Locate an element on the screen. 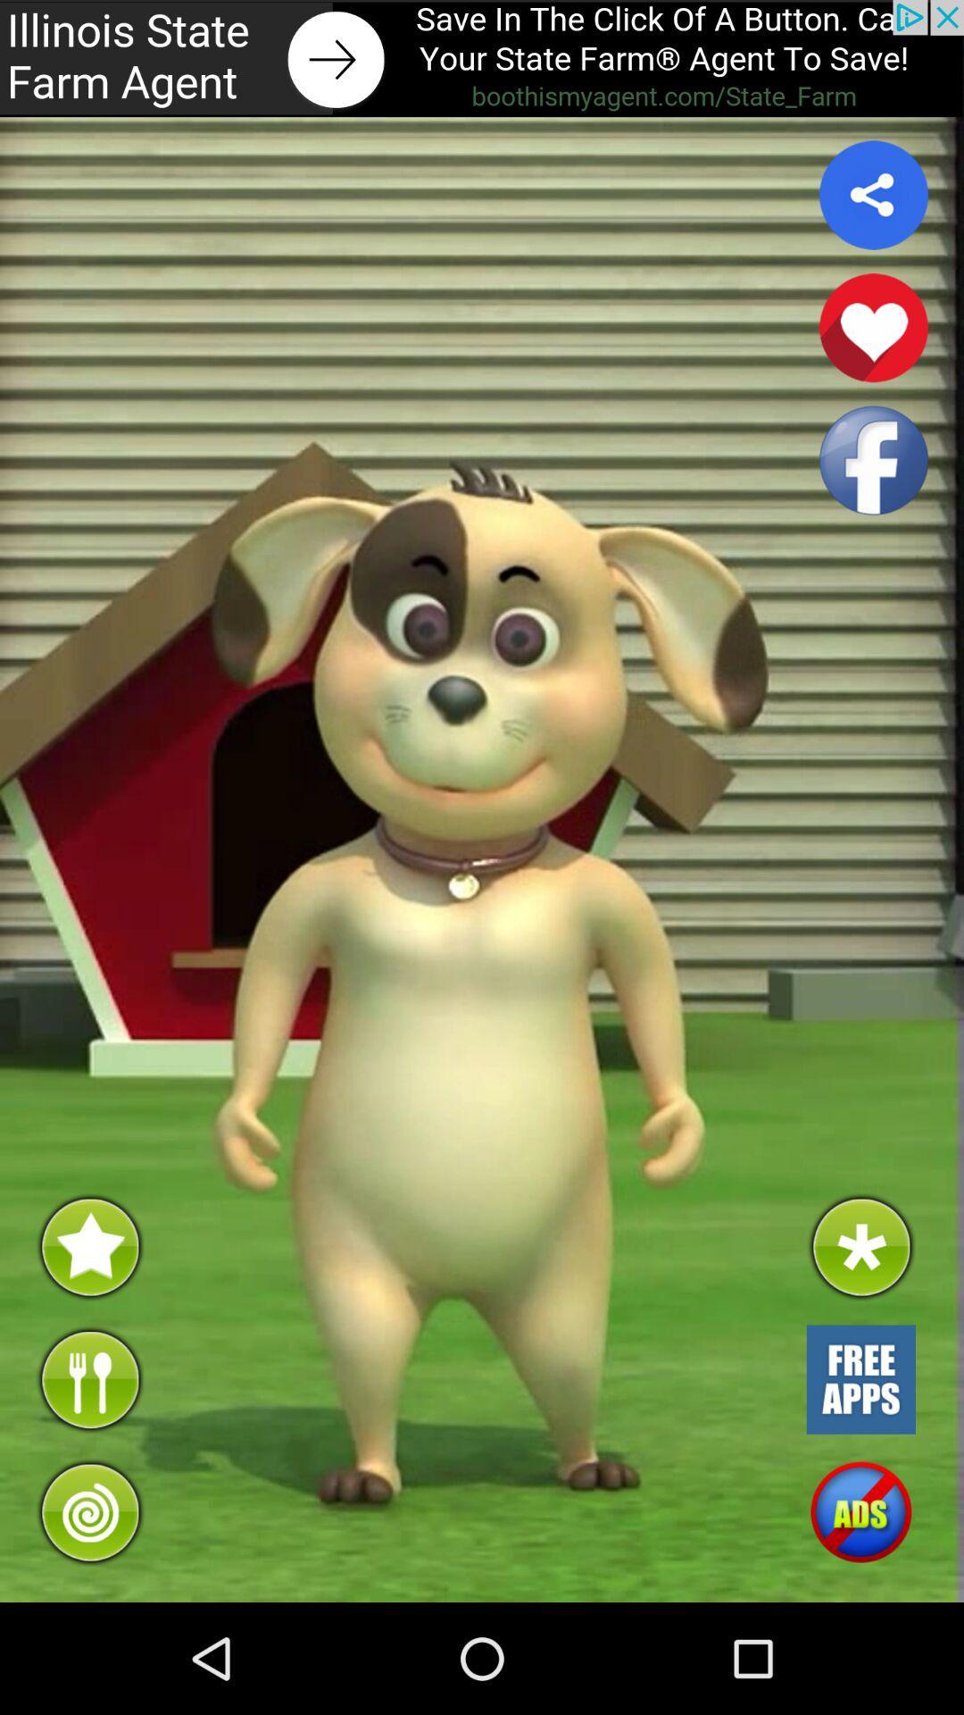 The image size is (964, 1715). advertisement is located at coordinates (482, 58).